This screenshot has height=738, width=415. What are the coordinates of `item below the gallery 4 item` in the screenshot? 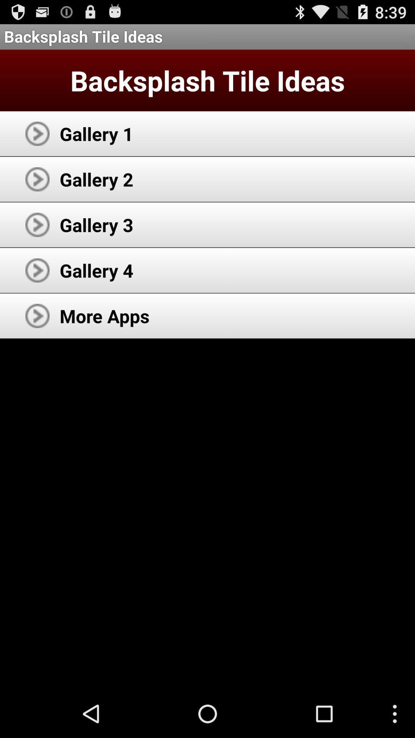 It's located at (105, 316).